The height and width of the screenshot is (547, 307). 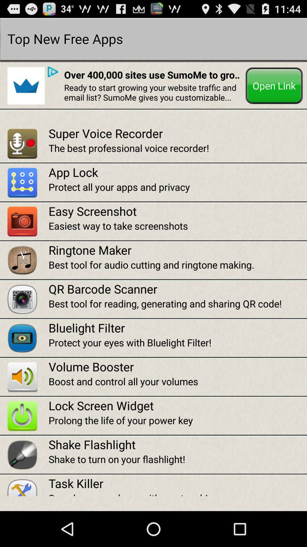 I want to click on the app above prolong the life app, so click(x=177, y=405).